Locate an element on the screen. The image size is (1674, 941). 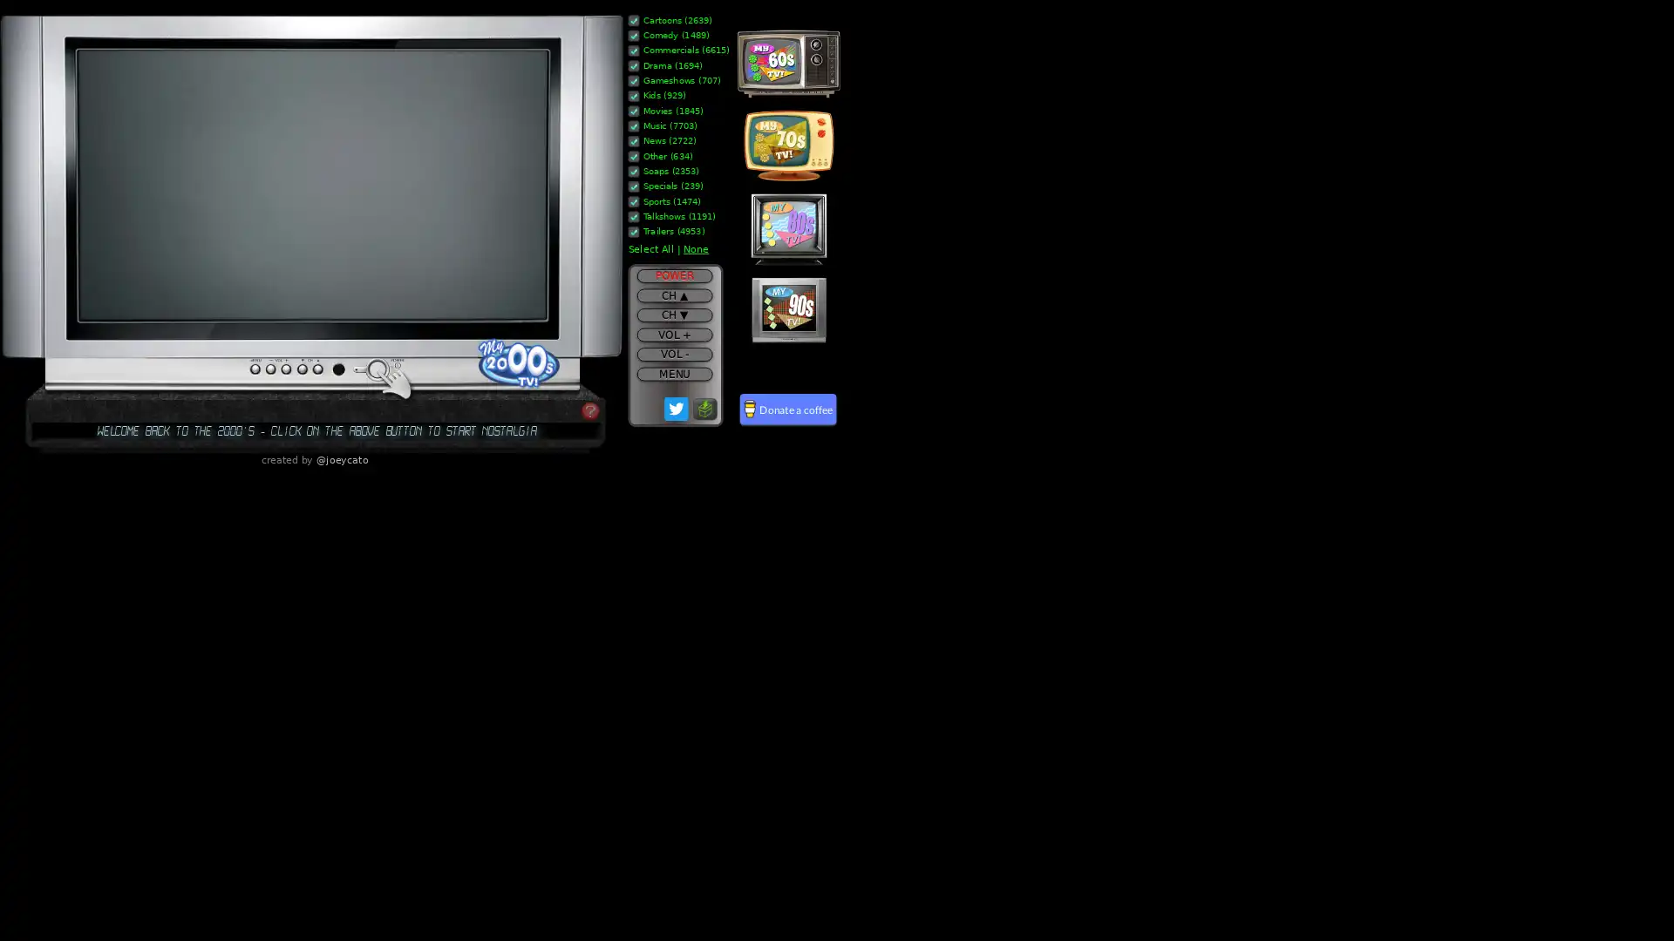
CH is located at coordinates (673, 315).